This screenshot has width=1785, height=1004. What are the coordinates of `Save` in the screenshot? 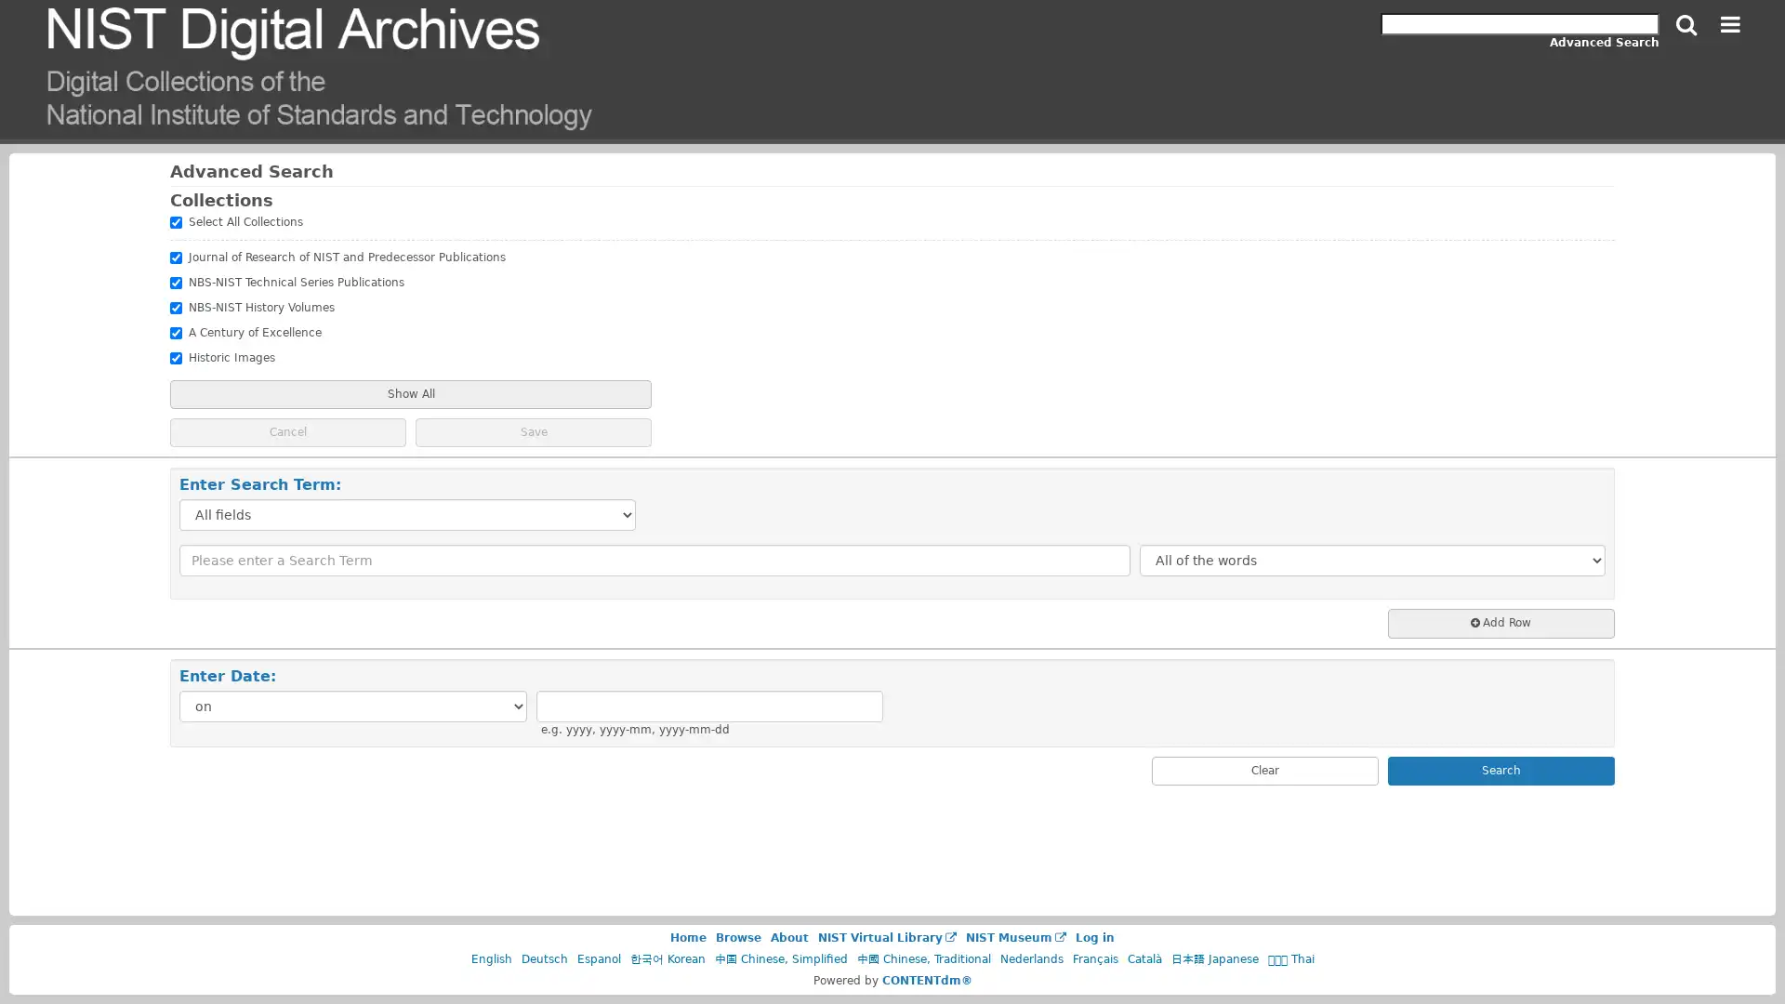 It's located at (533, 431).